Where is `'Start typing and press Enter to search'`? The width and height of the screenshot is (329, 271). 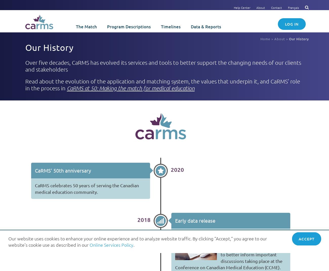 'Start typing and press Enter to search' is located at coordinates (164, 112).